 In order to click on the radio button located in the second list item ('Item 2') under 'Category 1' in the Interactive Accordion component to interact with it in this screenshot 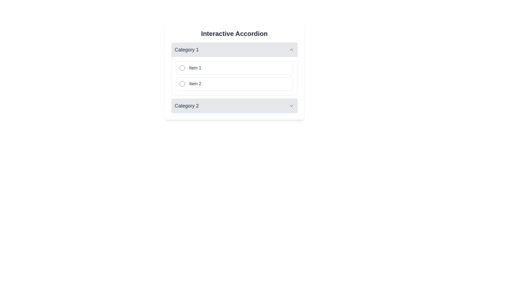, I will do `click(182, 84)`.